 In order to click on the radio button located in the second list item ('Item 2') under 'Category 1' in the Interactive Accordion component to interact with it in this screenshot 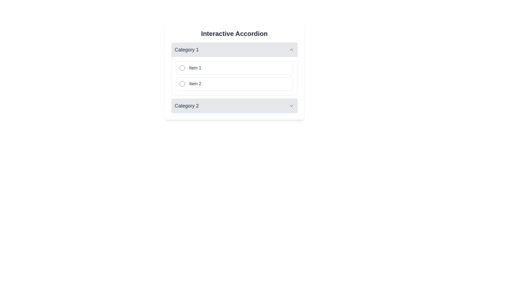, I will do `click(182, 84)`.